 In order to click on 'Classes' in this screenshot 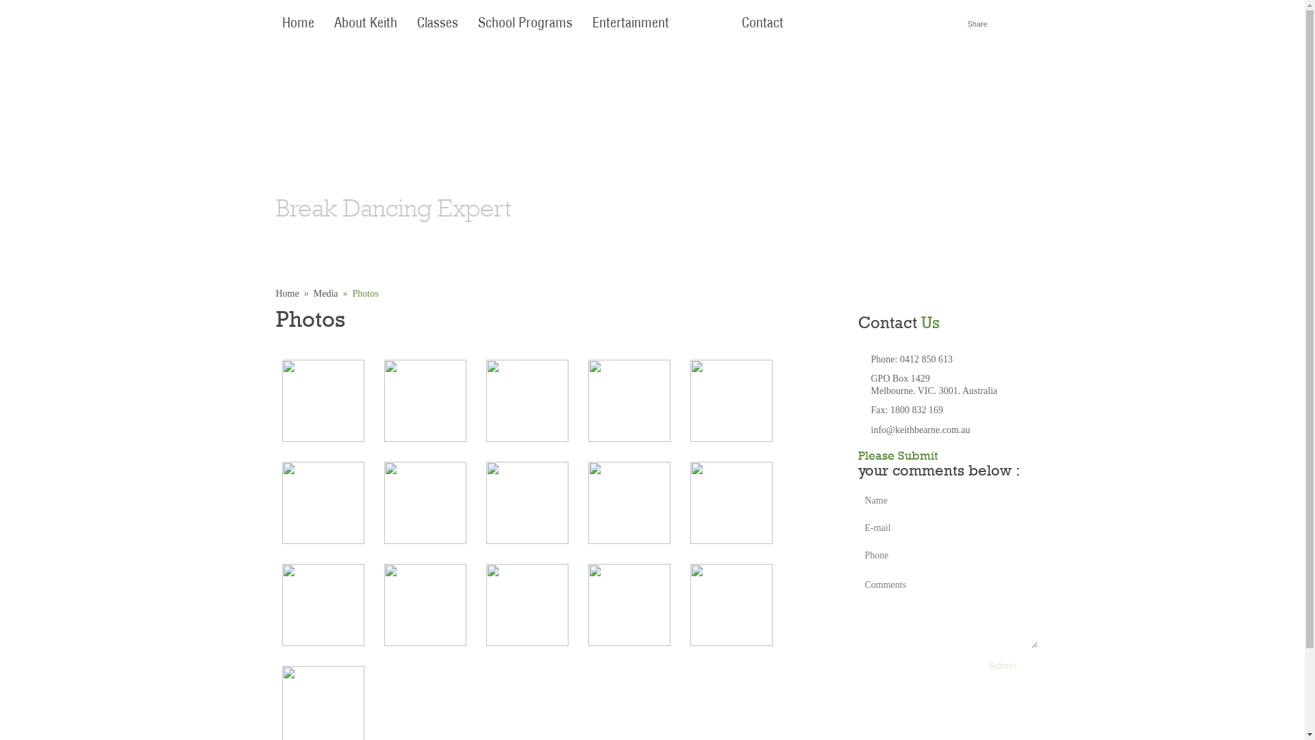, I will do `click(410, 23)`.